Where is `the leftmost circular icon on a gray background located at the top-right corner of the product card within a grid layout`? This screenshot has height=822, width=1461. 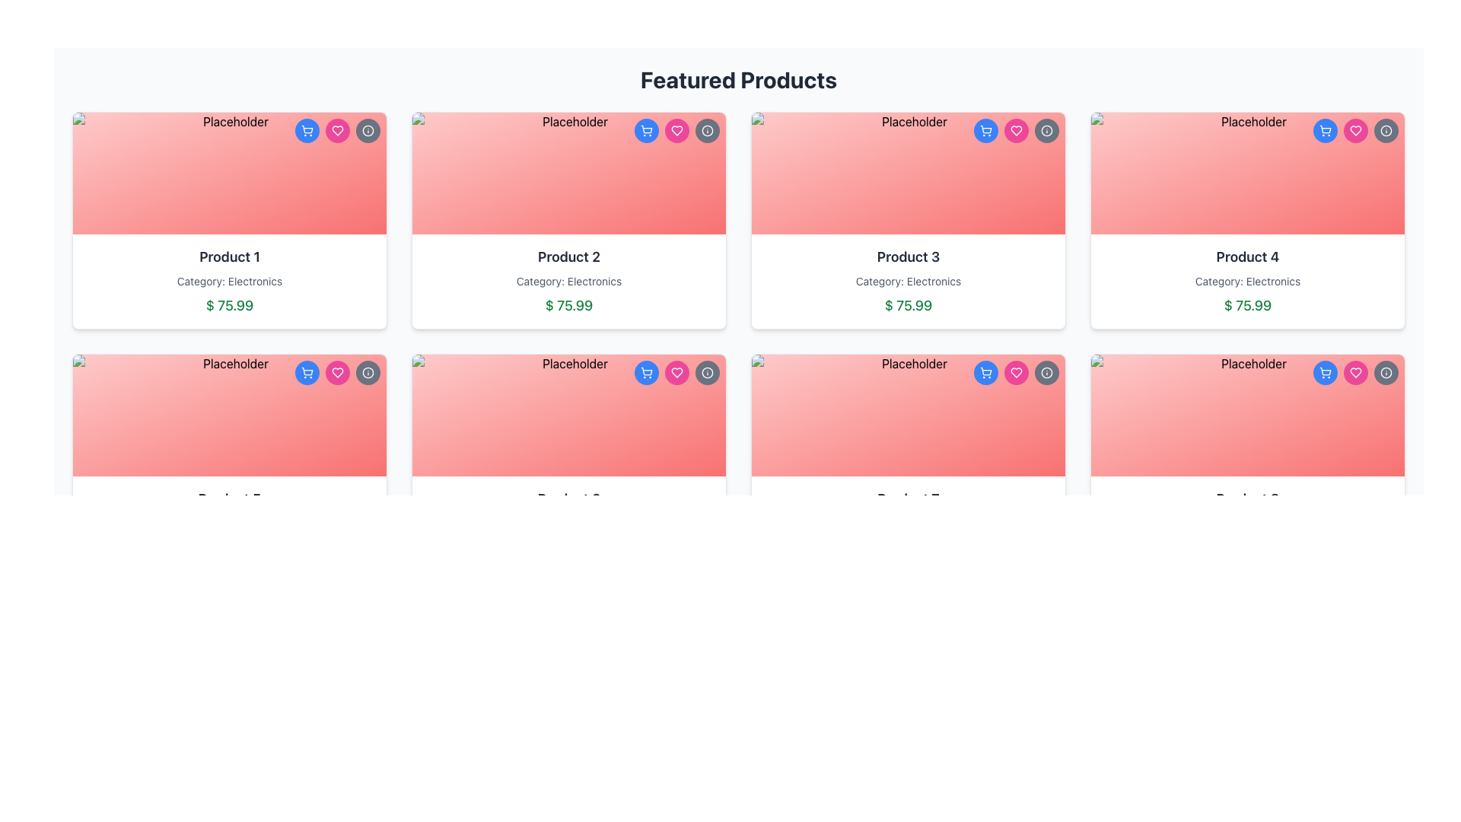 the leftmost circular icon on a gray background located at the top-right corner of the product card within a grid layout is located at coordinates (707, 130).